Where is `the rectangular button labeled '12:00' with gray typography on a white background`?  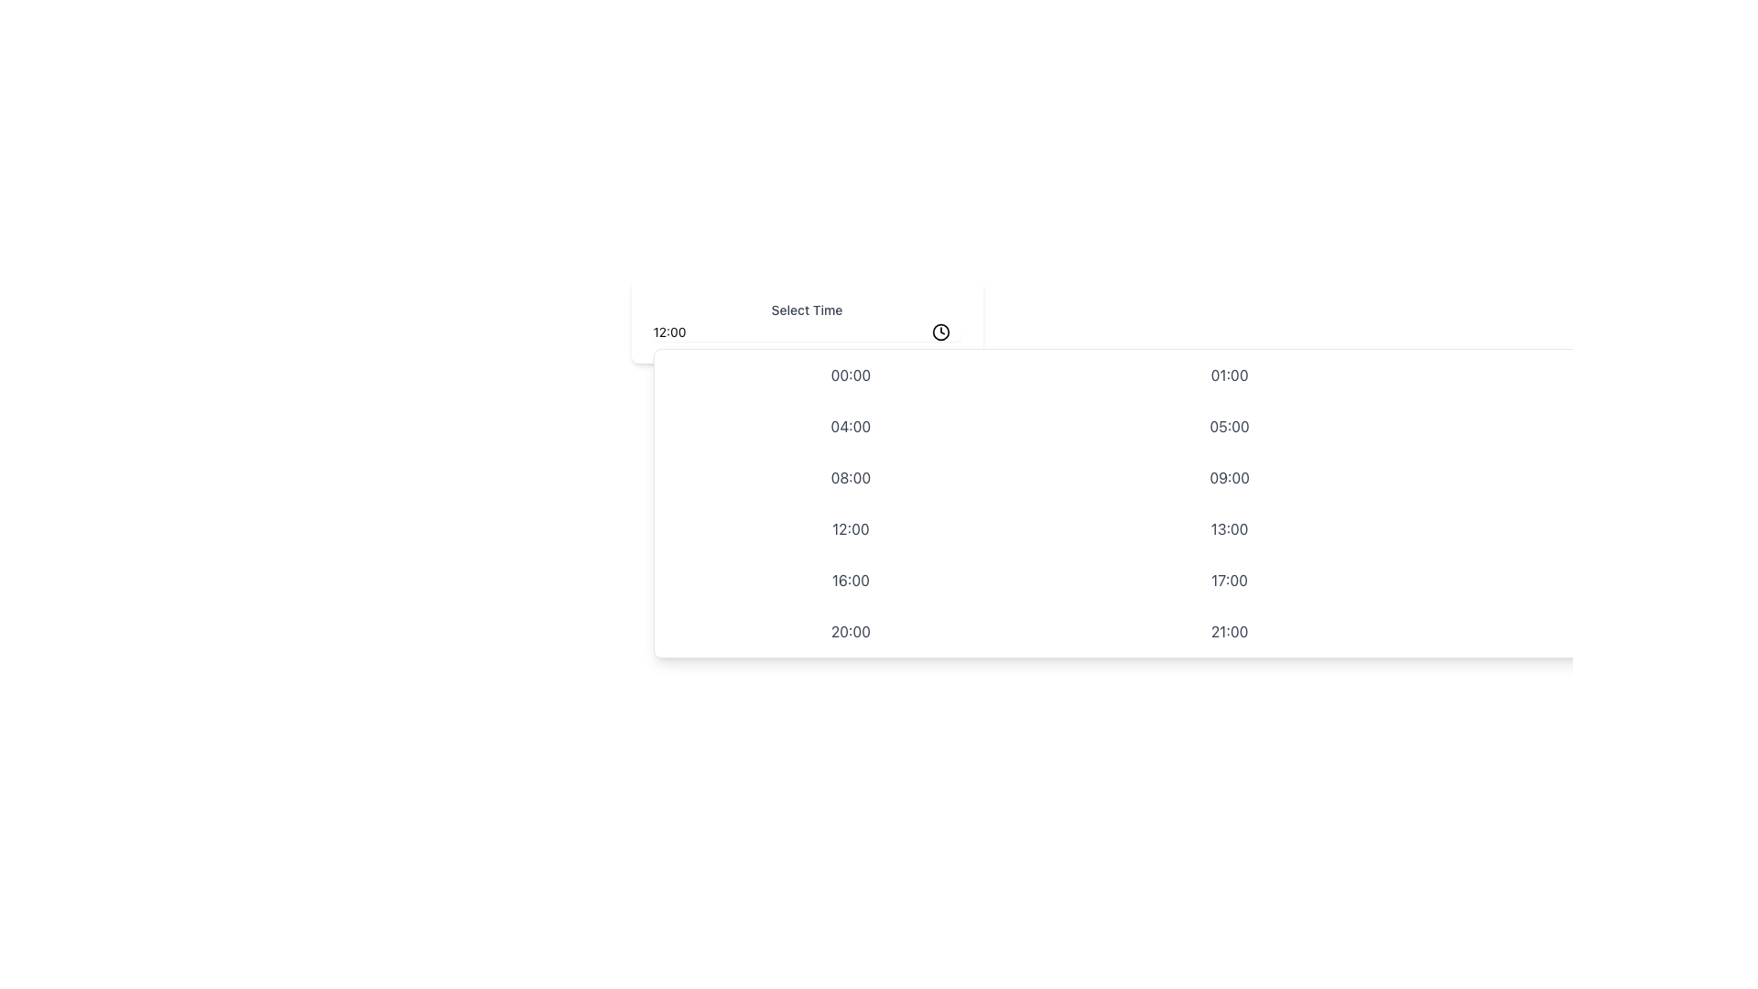 the rectangular button labeled '12:00' with gray typography on a white background is located at coordinates (850, 529).